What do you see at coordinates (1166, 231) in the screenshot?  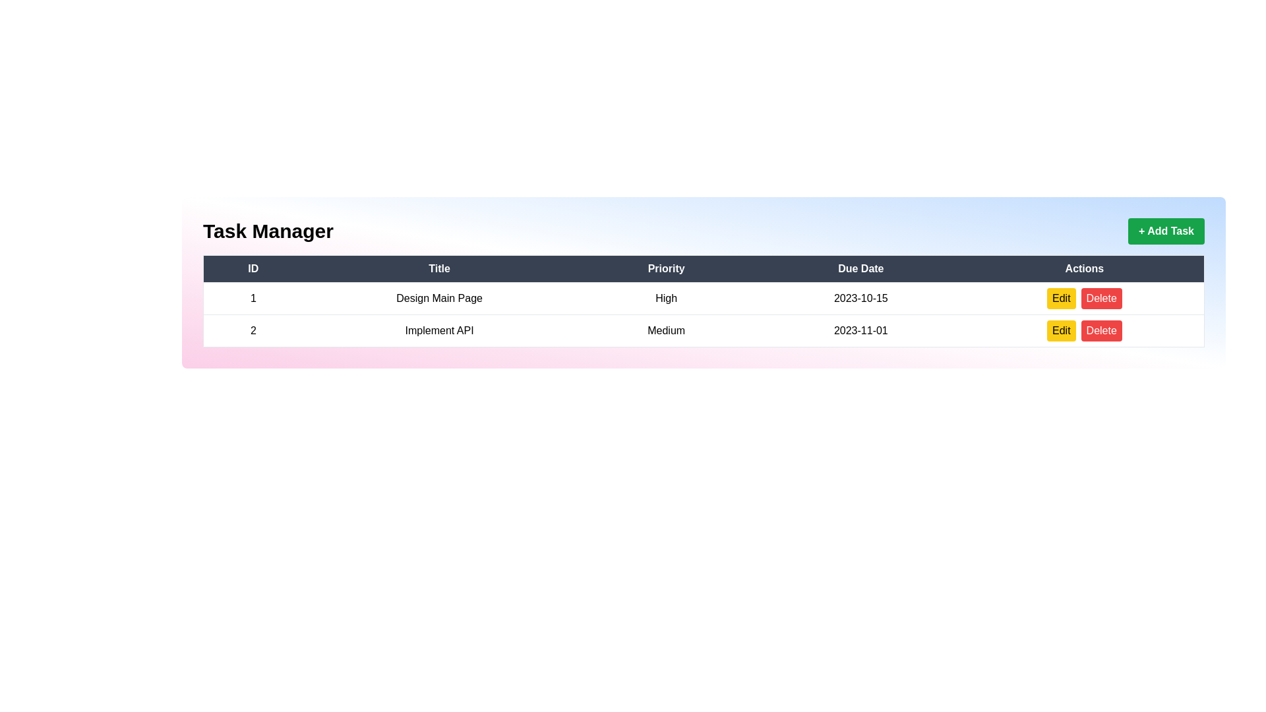 I see `the '+ Add Task' button with a green background located at the top-right side of the interface` at bounding box center [1166, 231].